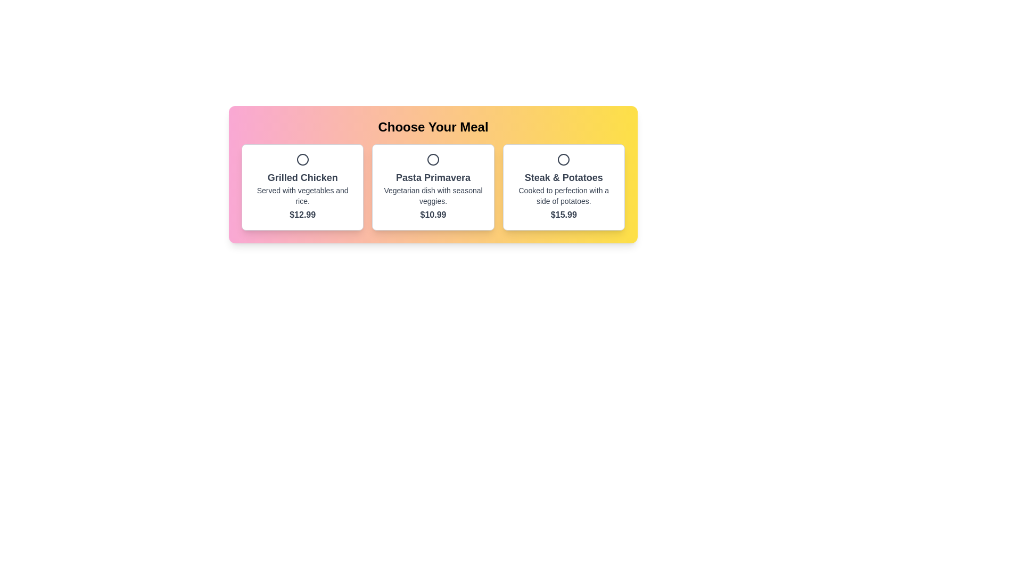  Describe the element at coordinates (302, 160) in the screenshot. I see `the selection marker icon (circle) associated with the 'Grilled Chicken' meal option` at that location.